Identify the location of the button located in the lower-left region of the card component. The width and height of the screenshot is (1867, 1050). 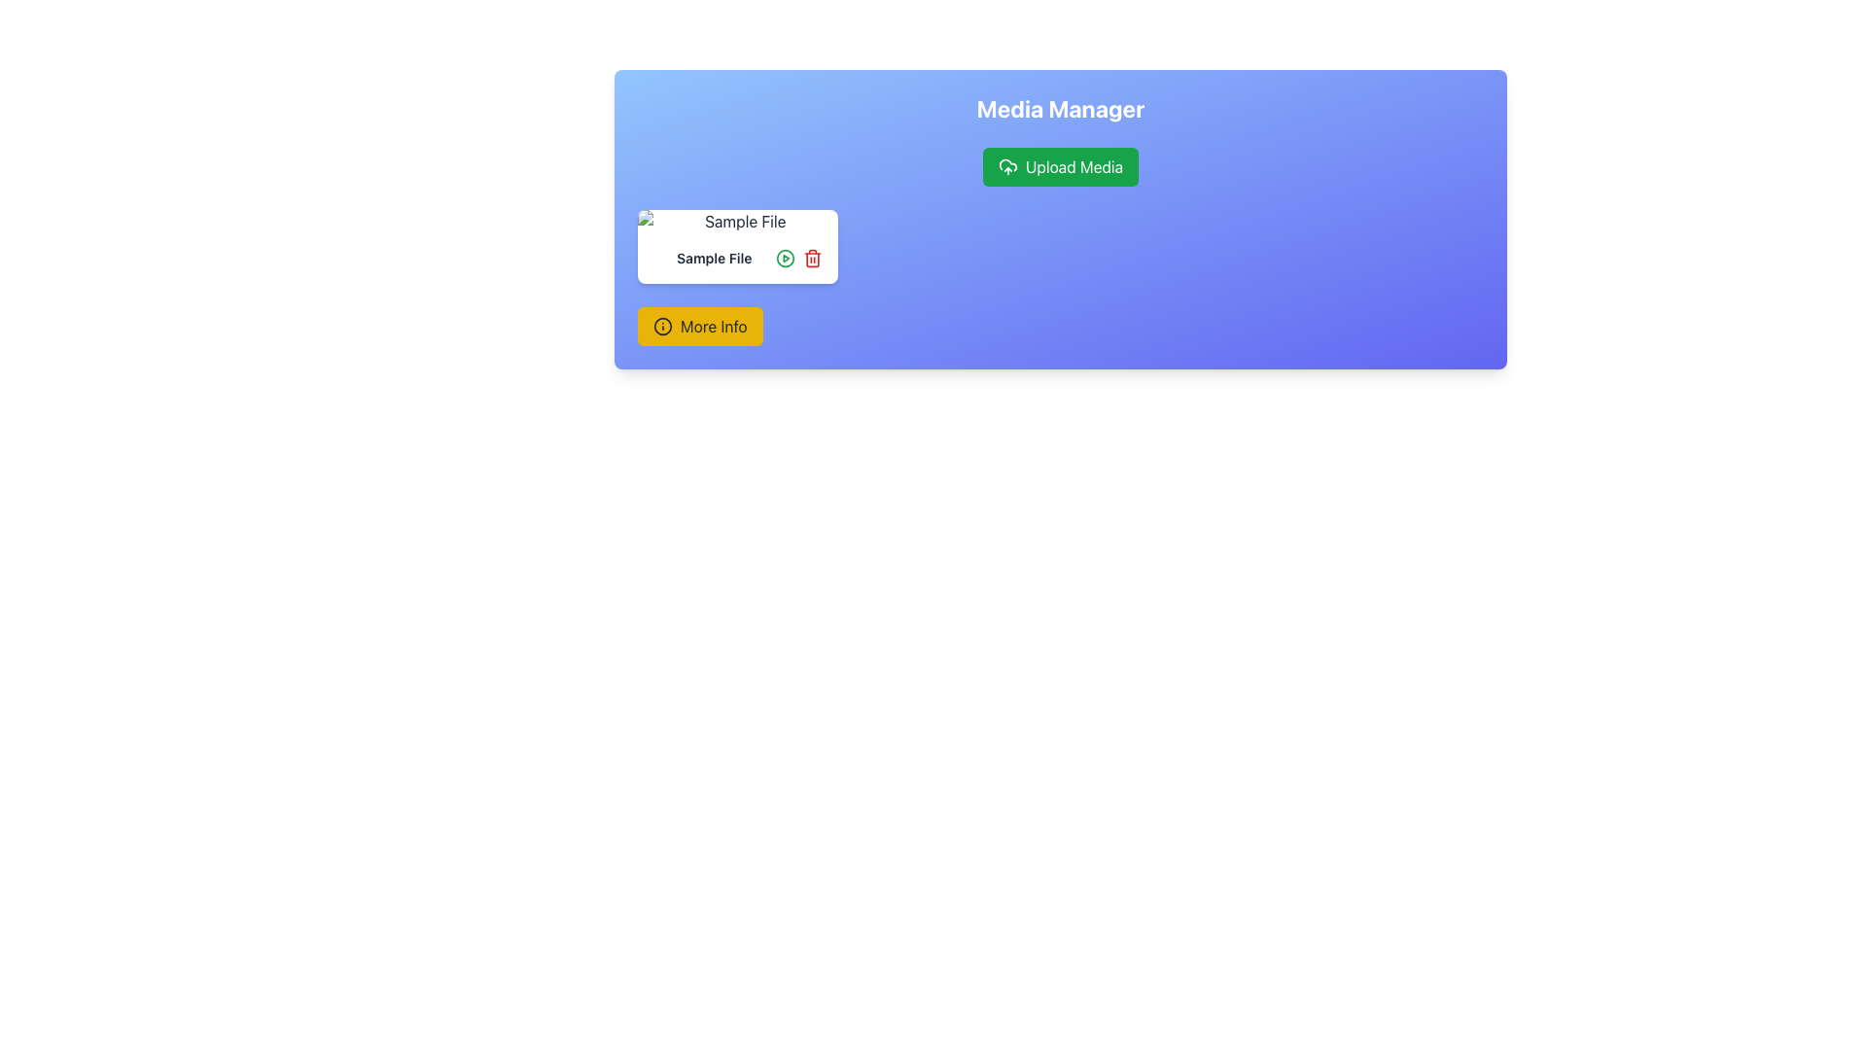
(700, 325).